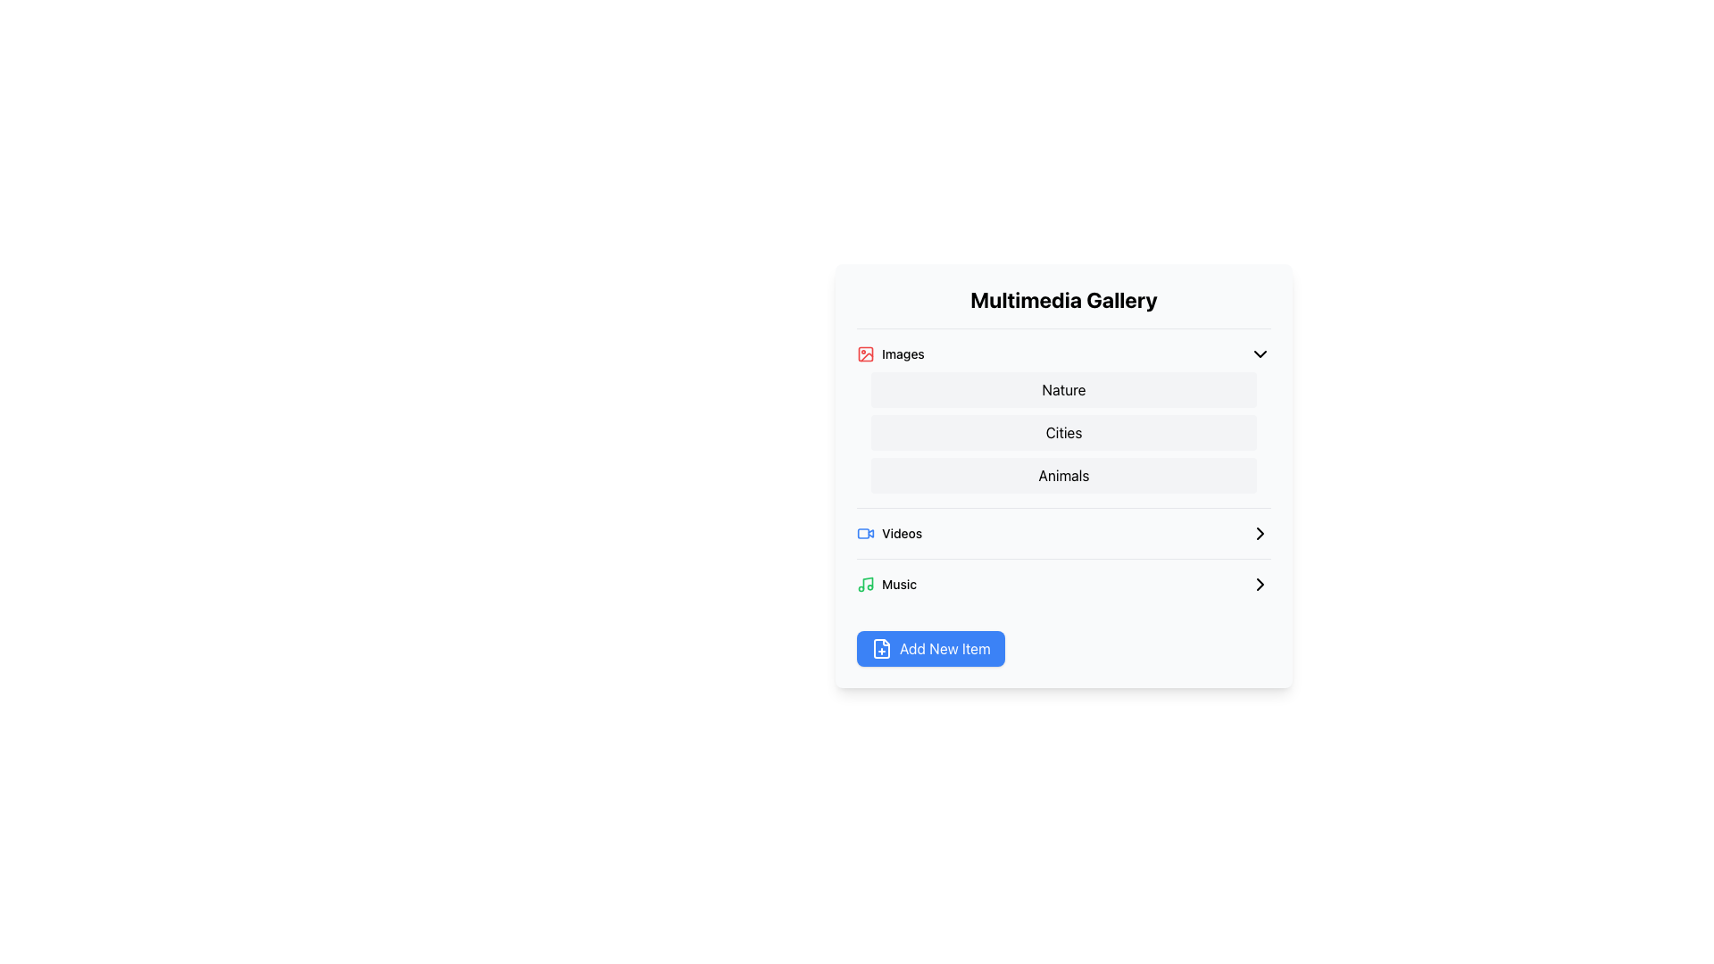 The image size is (1714, 964). Describe the element at coordinates (903, 354) in the screenshot. I see `the 'Images' text label, which is styled with a medium font weight and is positioned to the right of a small picture icon within the 'Multimedia Gallery' menu` at that location.